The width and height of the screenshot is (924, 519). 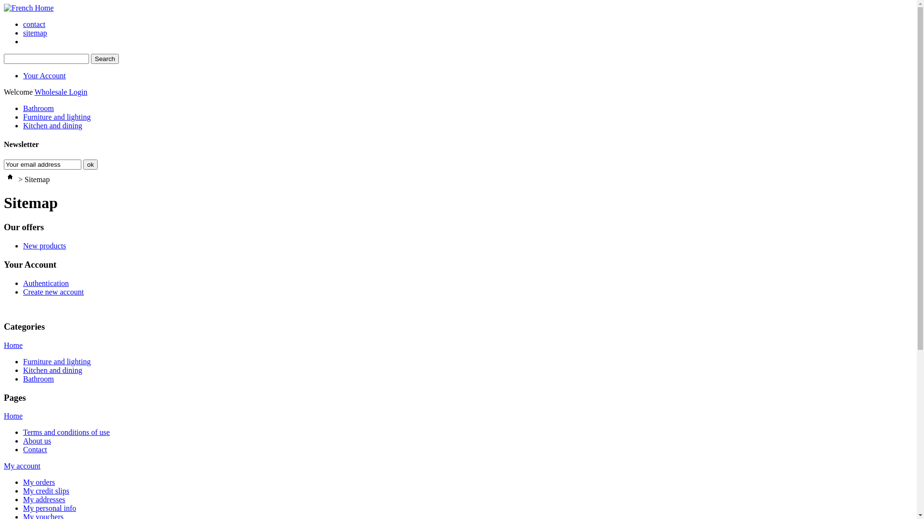 I want to click on 'Wholesale Login', so click(x=35, y=92).